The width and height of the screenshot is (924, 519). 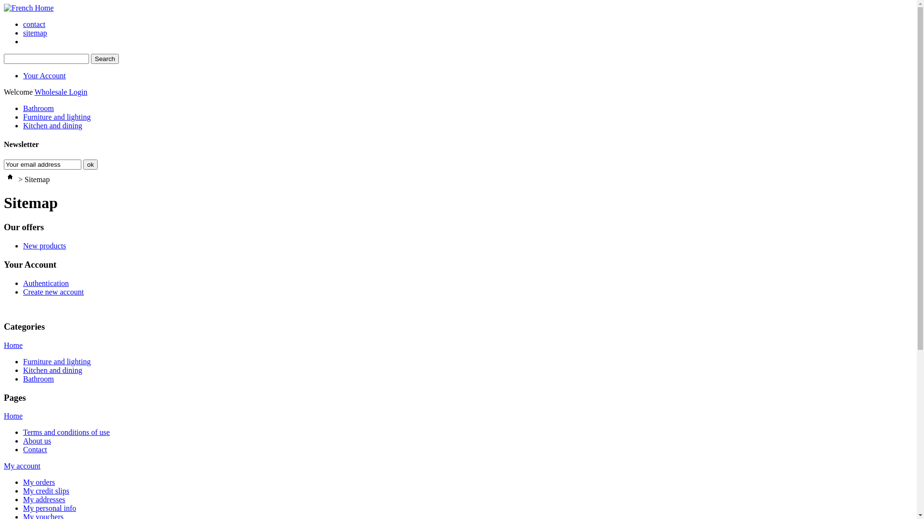 I want to click on 'Wholesale Login', so click(x=35, y=92).